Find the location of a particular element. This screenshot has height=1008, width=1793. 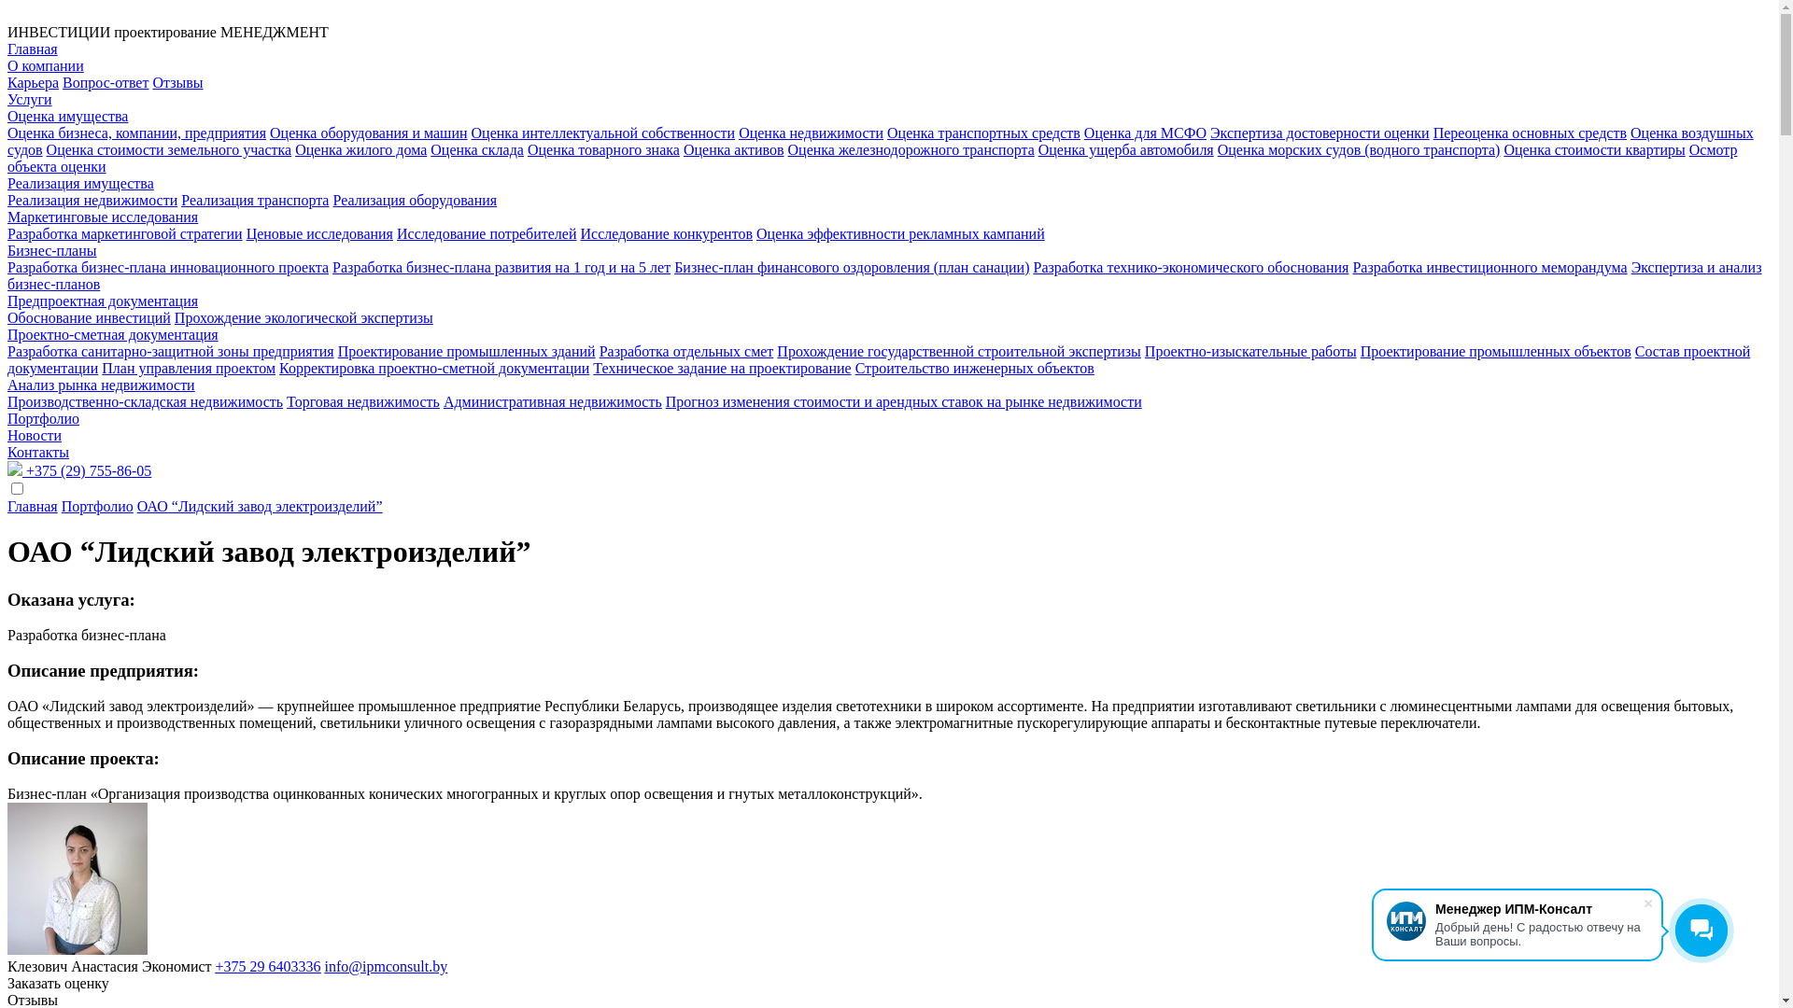

'+375 29 6403336' is located at coordinates (267, 966).